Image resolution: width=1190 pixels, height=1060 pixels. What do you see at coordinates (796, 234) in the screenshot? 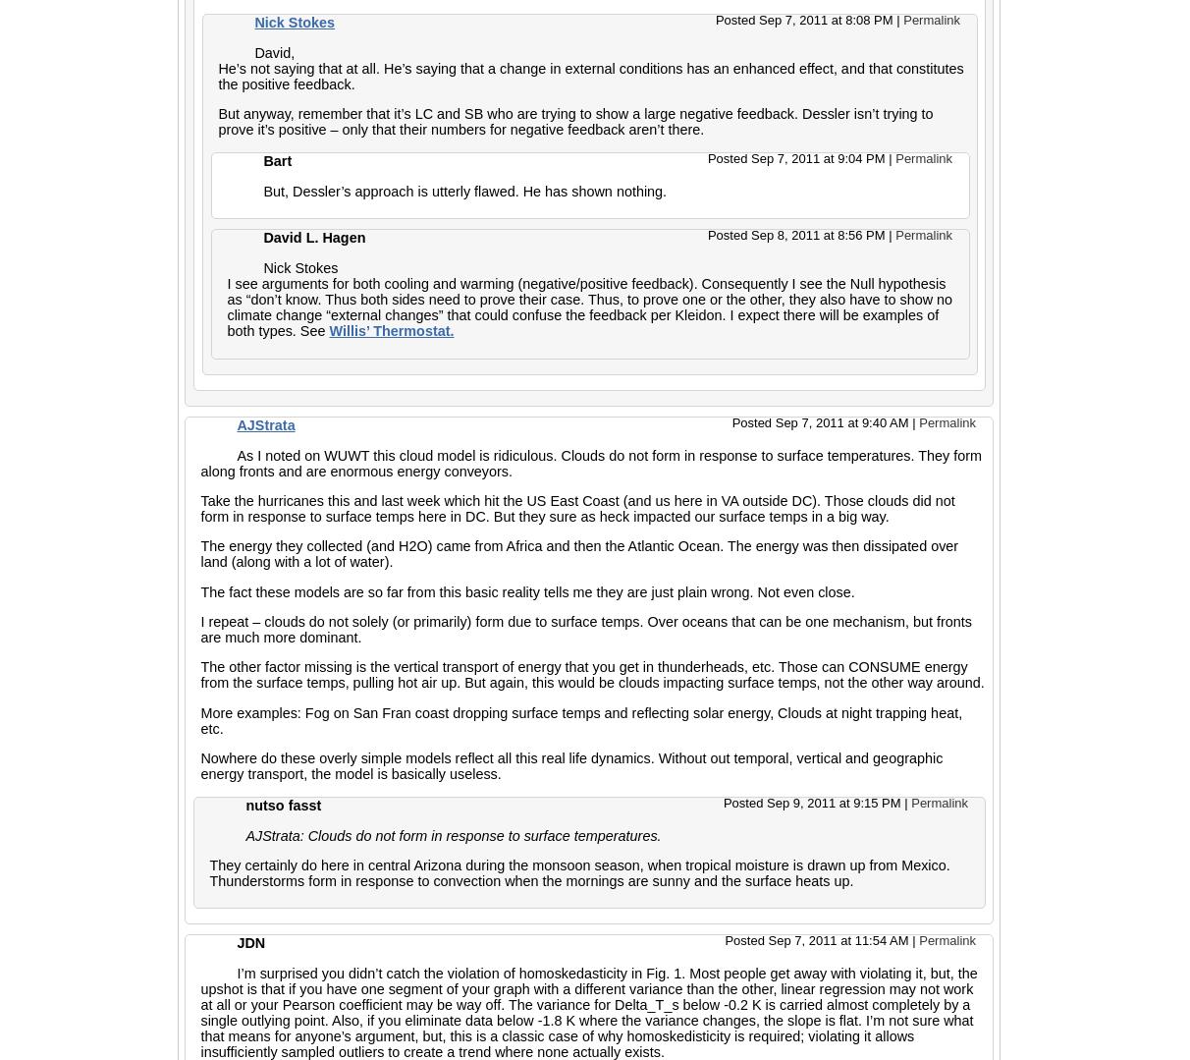
I see `'Posted Sep 8, 2011 at 8:56 PM'` at bounding box center [796, 234].